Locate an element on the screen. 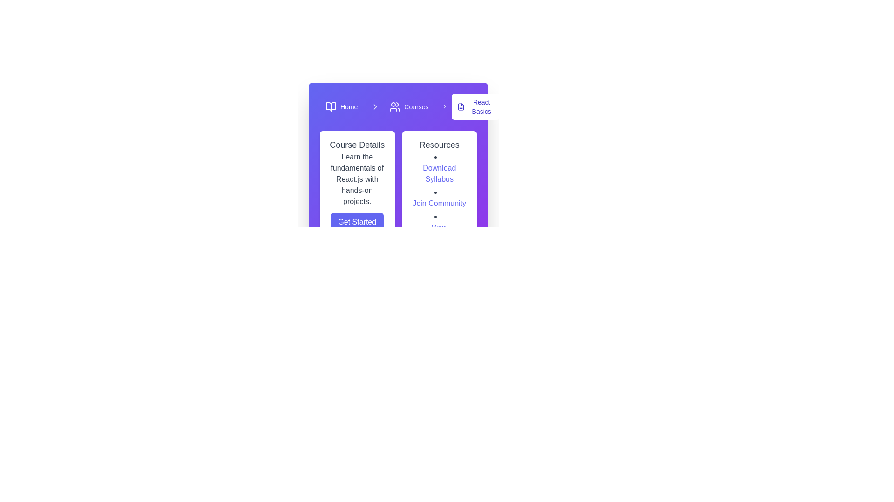 This screenshot has height=502, width=894. the 'React Basics' button located in the top-right of the purple card, which is the second button in the navigation row is located at coordinates (476, 106).